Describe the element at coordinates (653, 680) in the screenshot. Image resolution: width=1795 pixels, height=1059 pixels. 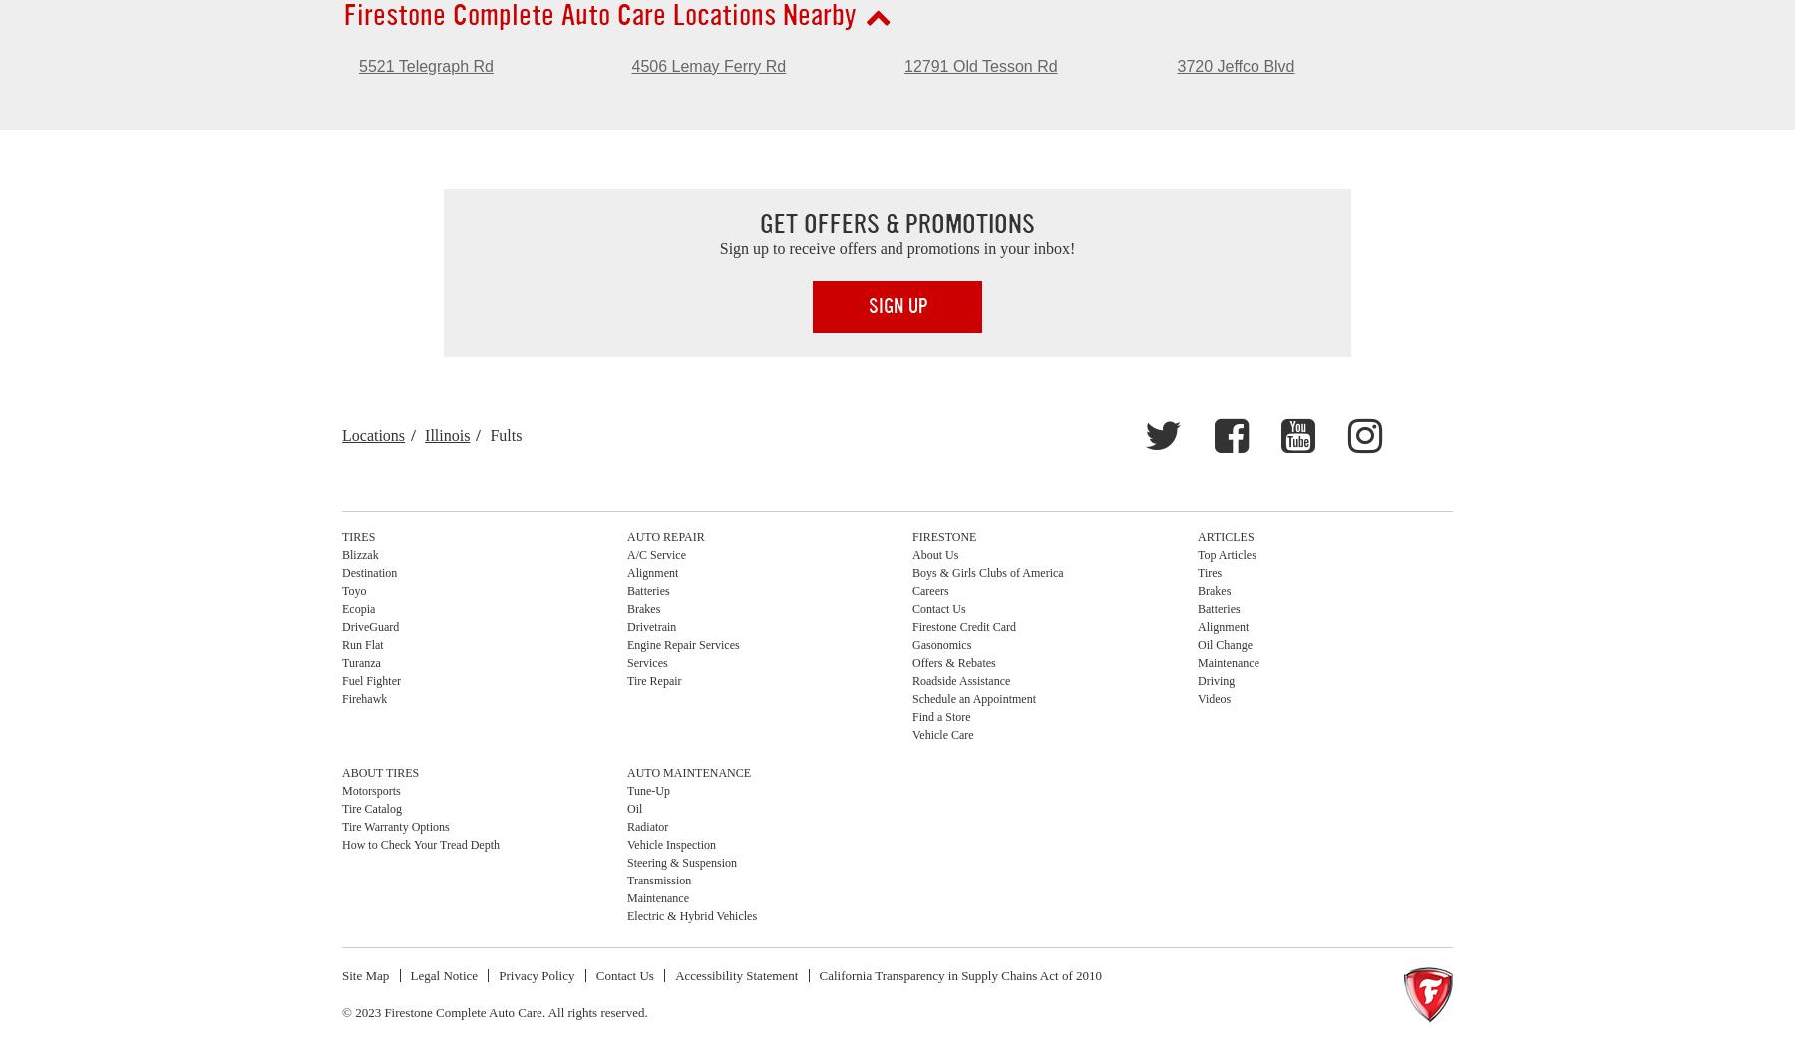
I see `'Tire Repair'` at that location.